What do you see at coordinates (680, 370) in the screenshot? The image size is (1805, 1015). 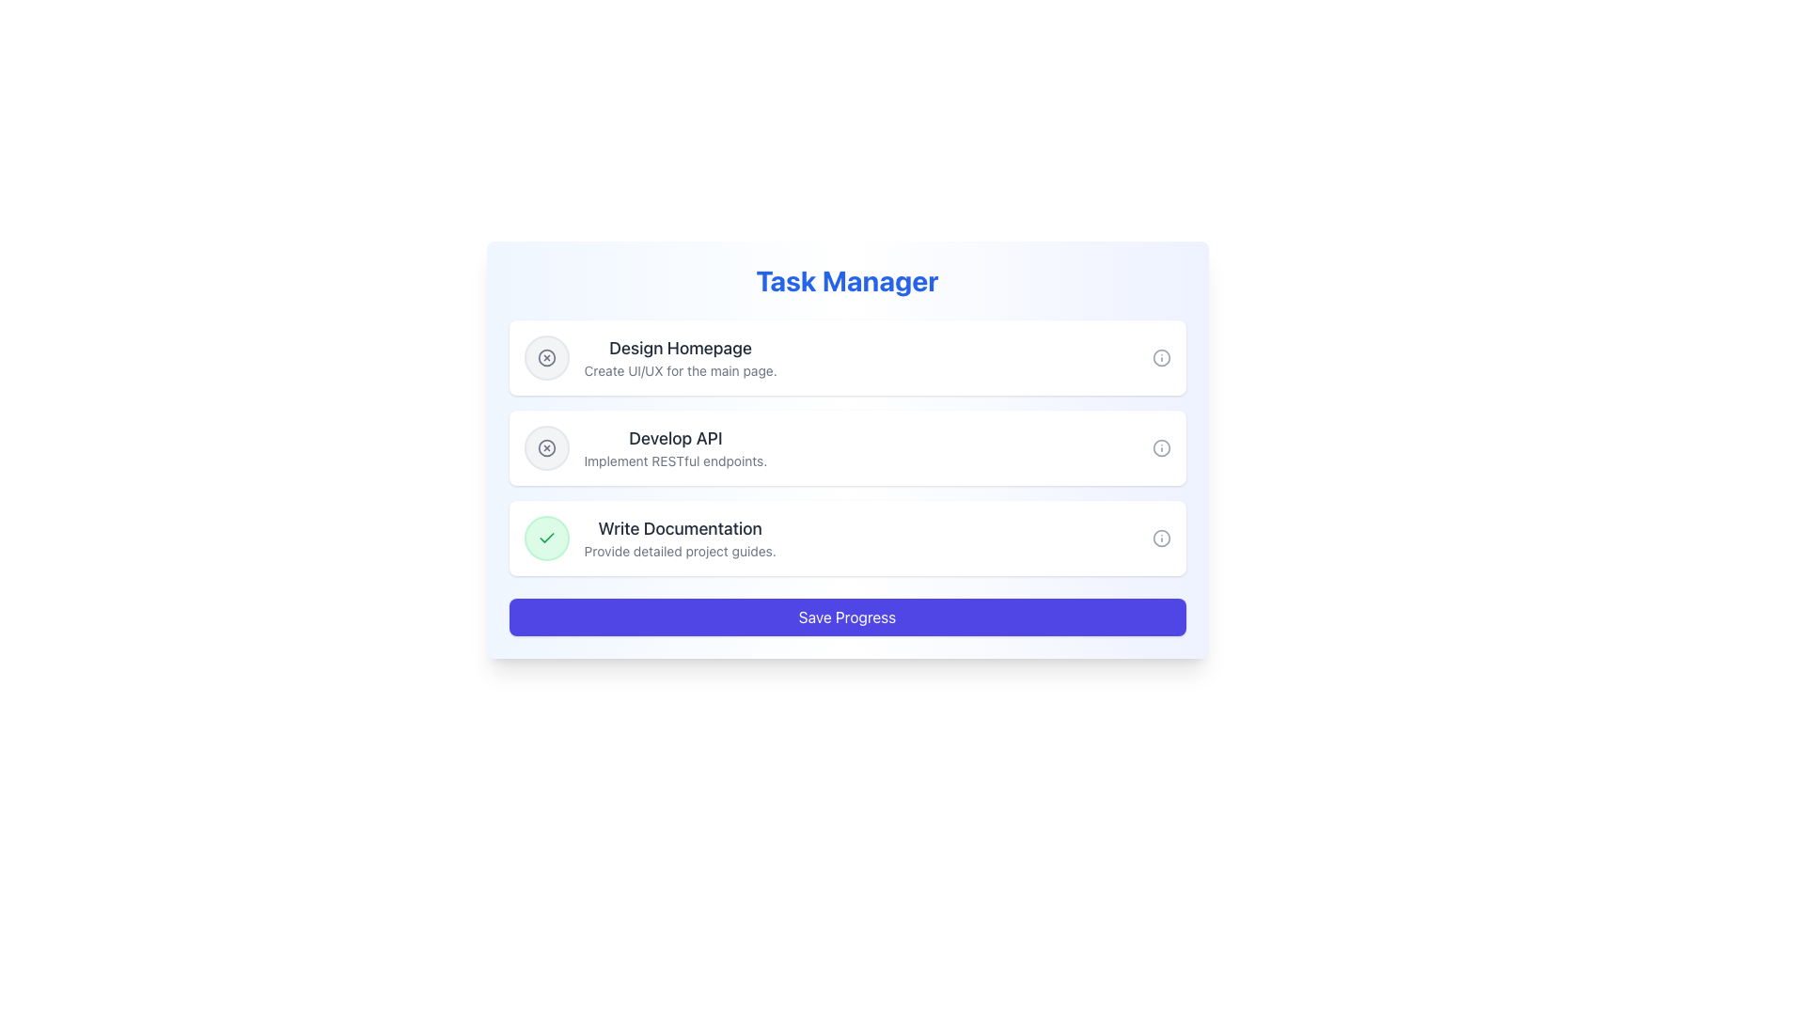 I see `brief description provided by the text label located beneath the title 'Design Homepage' in the upper section of the interface` at bounding box center [680, 370].